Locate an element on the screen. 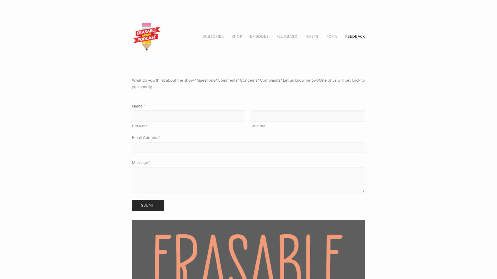 Image resolution: width=497 pixels, height=279 pixels. Submit is located at coordinates (148, 205).